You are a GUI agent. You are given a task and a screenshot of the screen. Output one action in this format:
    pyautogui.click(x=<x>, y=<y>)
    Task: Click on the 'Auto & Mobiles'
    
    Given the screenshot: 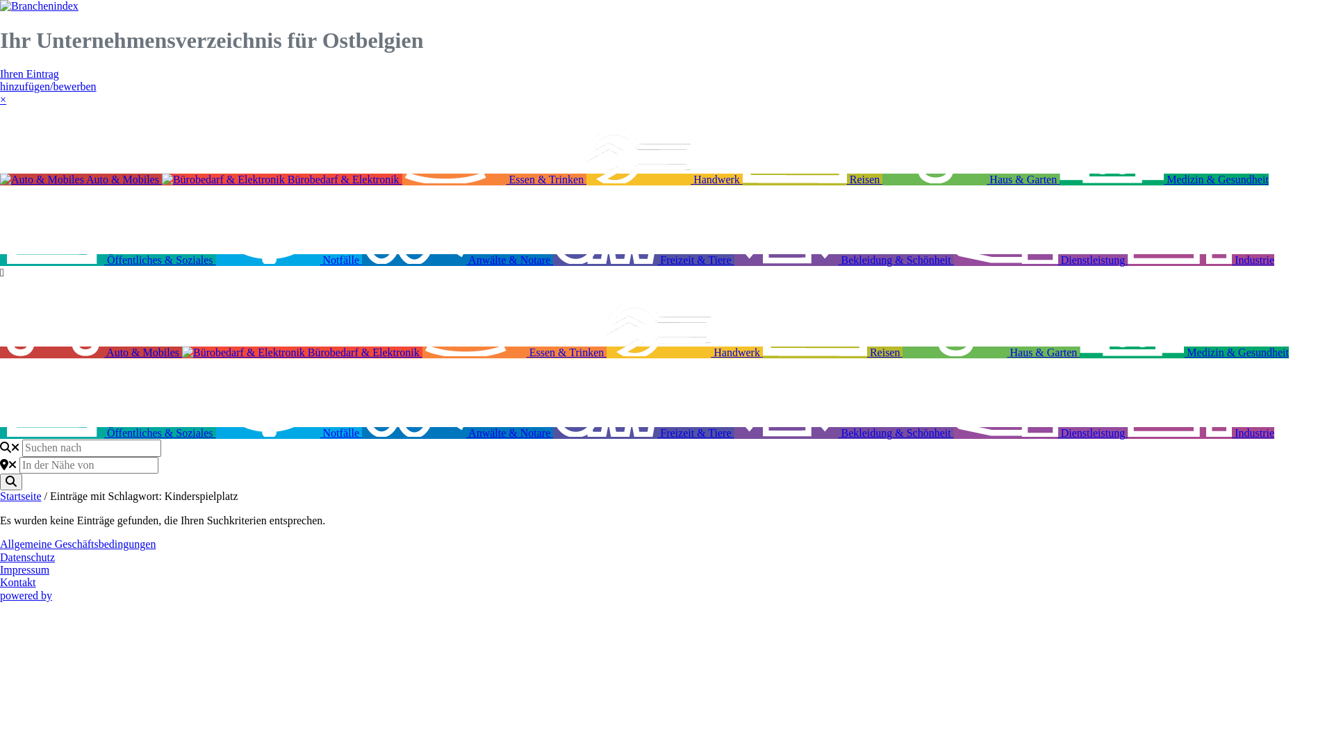 What is the action you would take?
    pyautogui.click(x=80, y=178)
    